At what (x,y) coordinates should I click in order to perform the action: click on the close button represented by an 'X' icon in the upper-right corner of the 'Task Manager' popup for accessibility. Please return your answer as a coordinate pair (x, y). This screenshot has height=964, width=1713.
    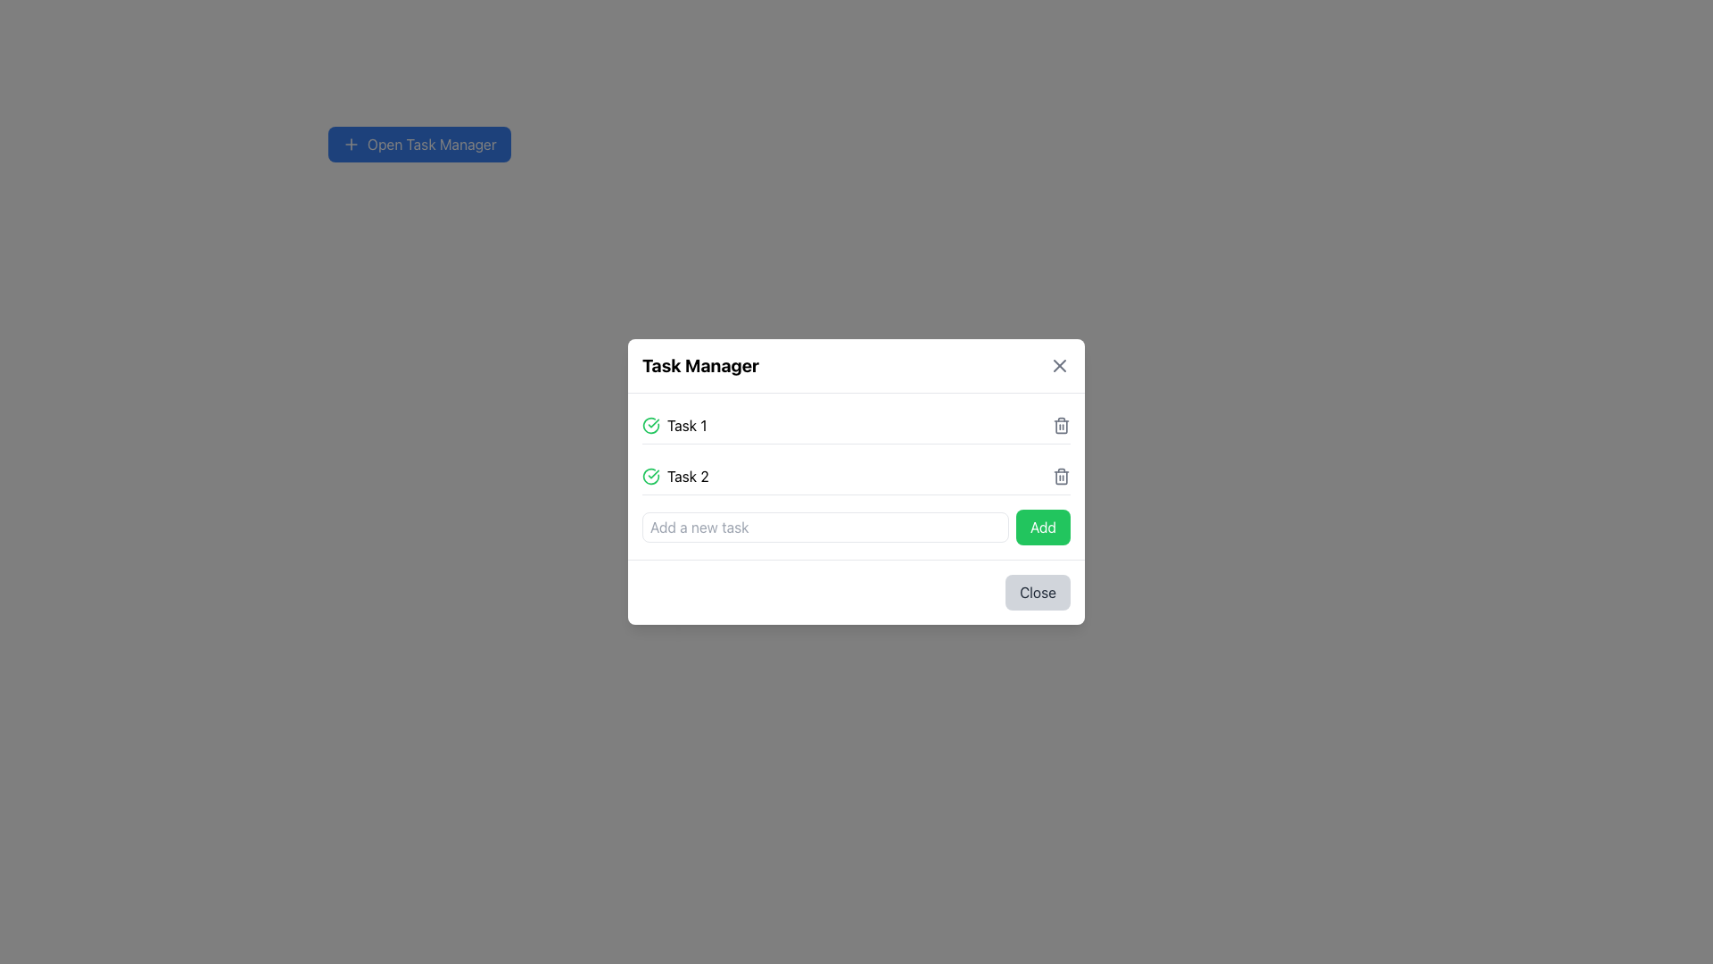
    Looking at the image, I should click on (1060, 364).